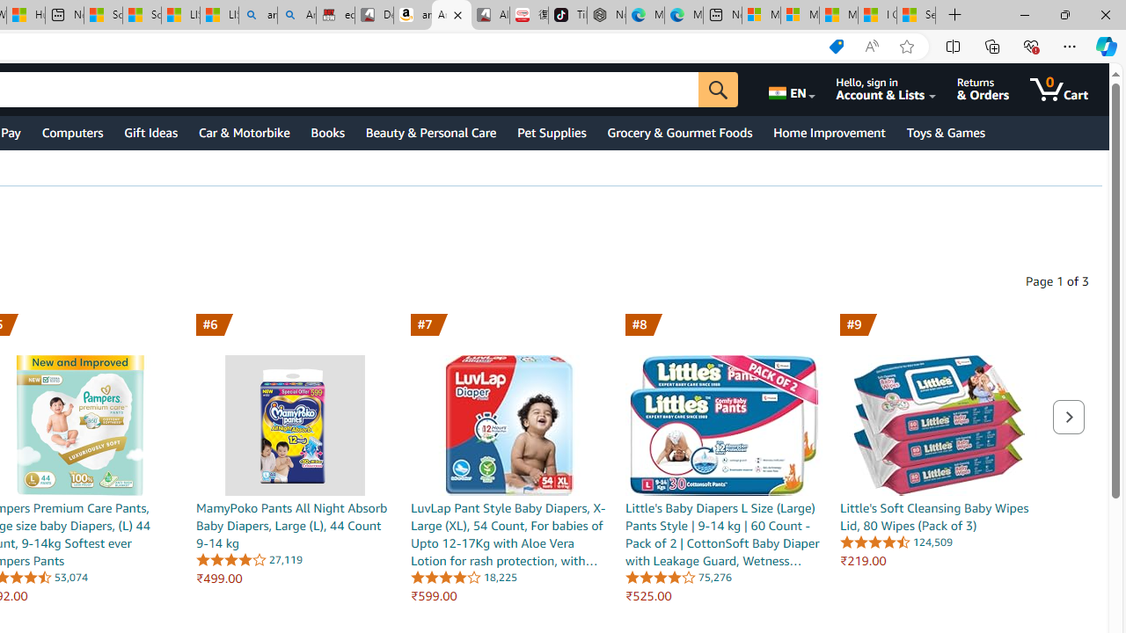 Image resolution: width=1126 pixels, height=633 pixels. Describe the element at coordinates (150, 131) in the screenshot. I see `'Gift Ideas'` at that location.